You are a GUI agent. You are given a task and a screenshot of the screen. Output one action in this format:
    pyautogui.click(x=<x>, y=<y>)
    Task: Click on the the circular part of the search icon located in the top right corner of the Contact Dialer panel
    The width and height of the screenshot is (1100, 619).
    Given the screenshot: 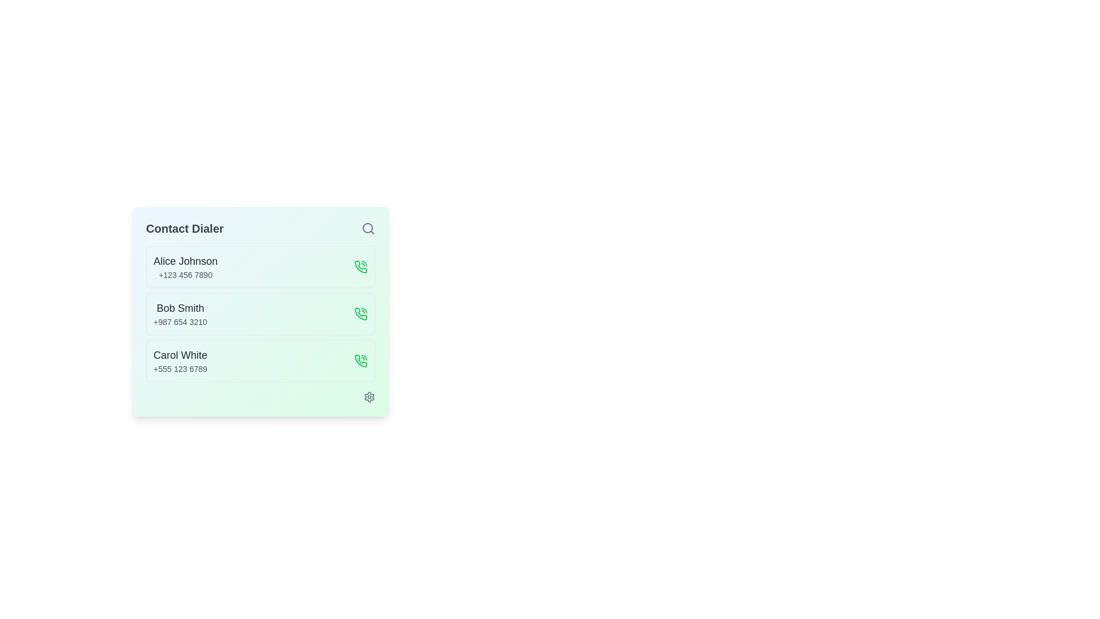 What is the action you would take?
    pyautogui.click(x=368, y=228)
    